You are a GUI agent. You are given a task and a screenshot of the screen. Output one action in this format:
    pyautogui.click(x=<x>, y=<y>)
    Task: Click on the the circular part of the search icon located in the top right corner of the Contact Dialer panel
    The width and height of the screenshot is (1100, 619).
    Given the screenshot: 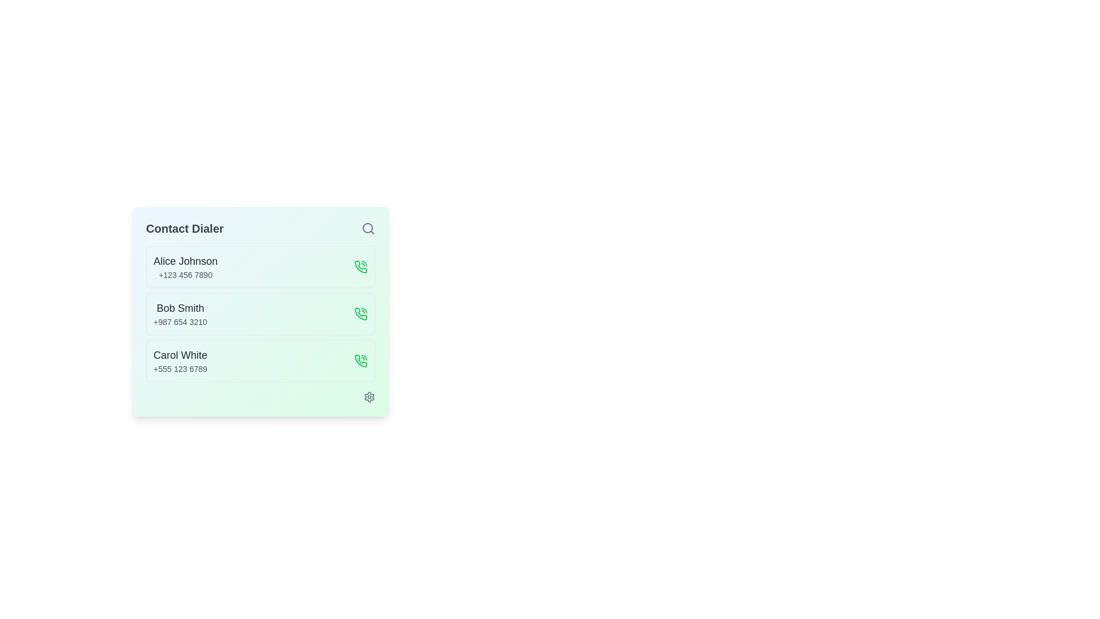 What is the action you would take?
    pyautogui.click(x=368, y=228)
    